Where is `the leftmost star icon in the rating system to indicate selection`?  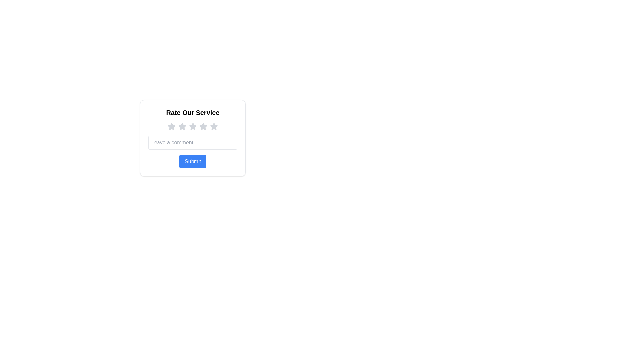 the leftmost star icon in the rating system to indicate selection is located at coordinates (171, 126).